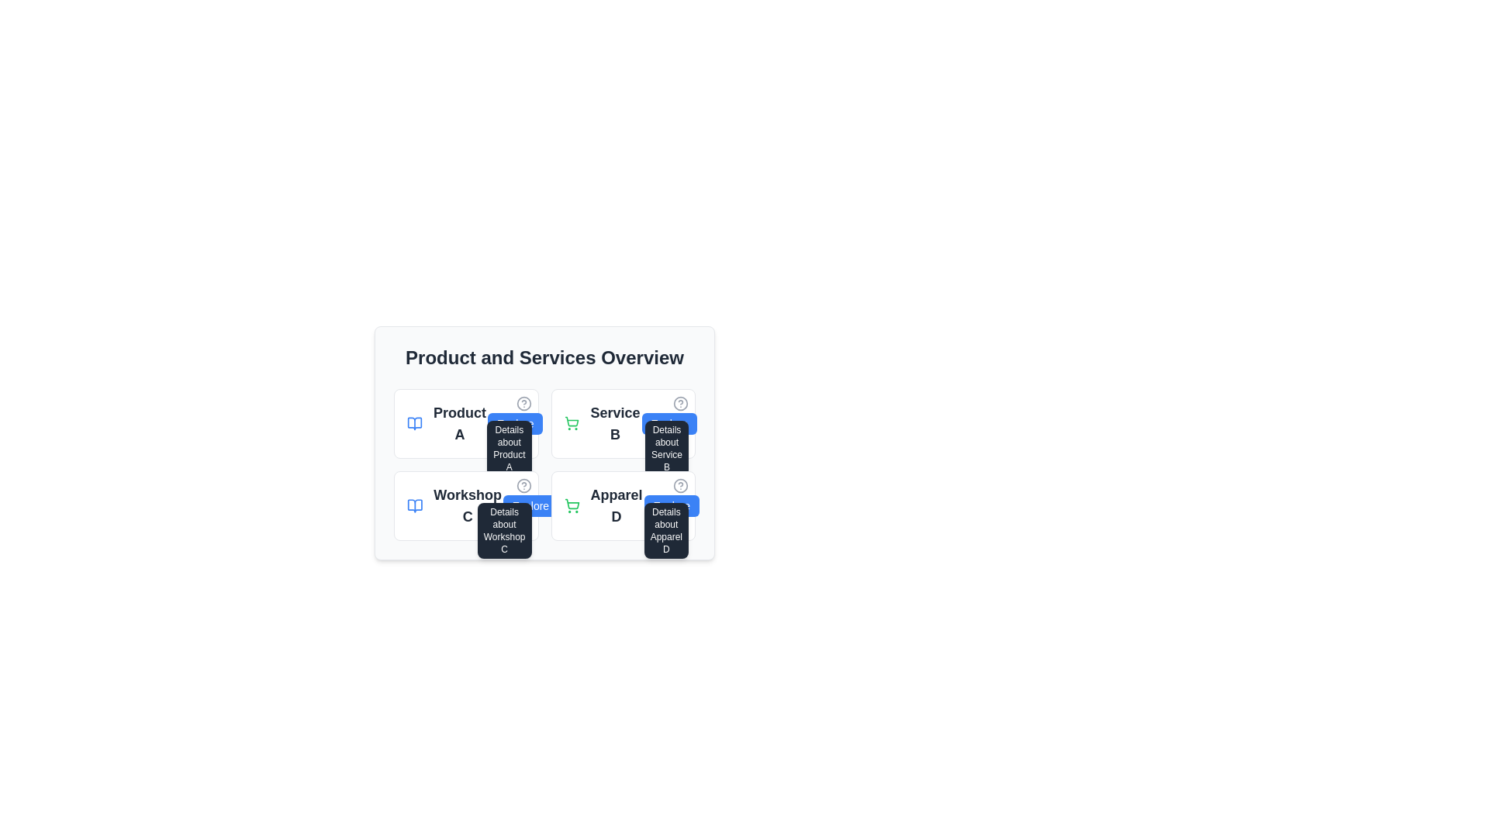 This screenshot has width=1489, height=837. Describe the element at coordinates (602, 424) in the screenshot. I see `to select the 'Service B' text and shopping cart icon, which is visually distinguished by a green shopping cart icon followed by large, bold, dark-colored text, located in the top-right of the 'Product and Services Overview' grid` at that location.